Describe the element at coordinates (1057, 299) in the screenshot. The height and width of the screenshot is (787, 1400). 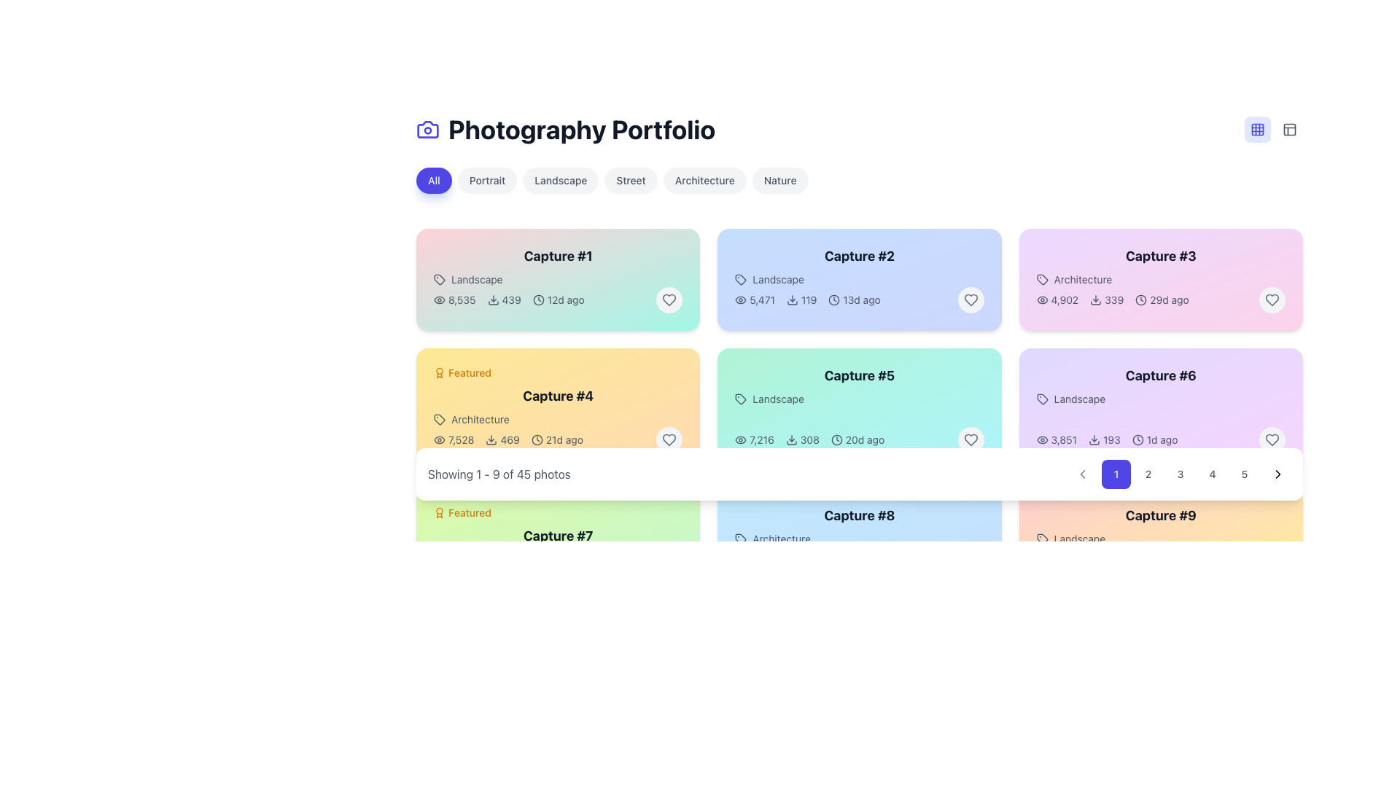
I see `the views count indicator located within the card labeled 'Capture #3', positioned to the left of the download count '339' and below the subtitle 'Architecture'` at that location.